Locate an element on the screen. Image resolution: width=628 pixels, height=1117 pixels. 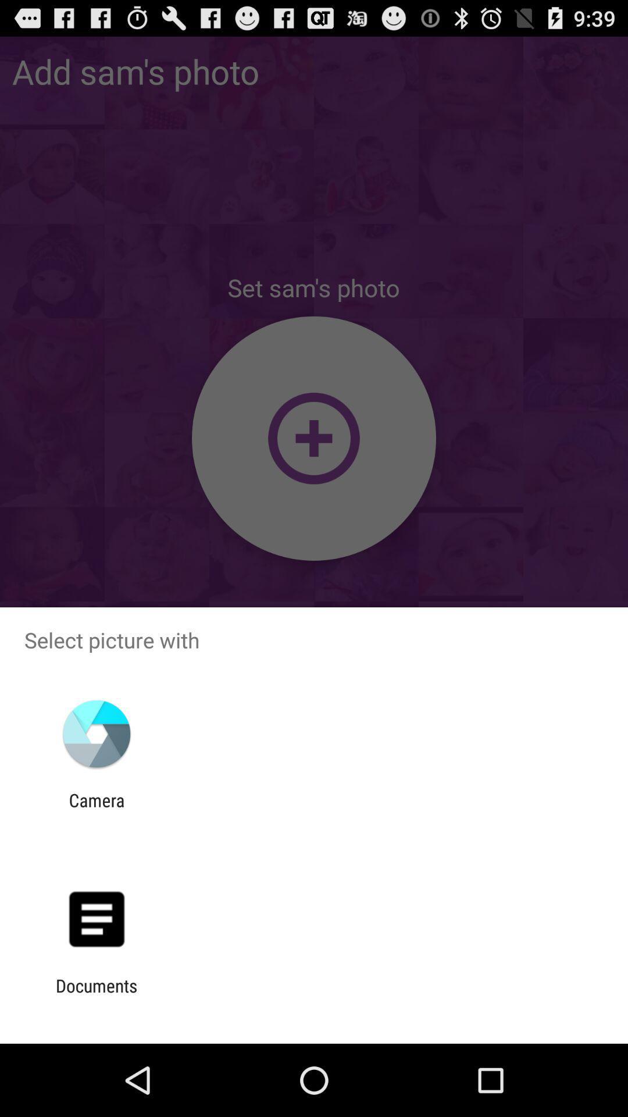
the camera is located at coordinates (96, 810).